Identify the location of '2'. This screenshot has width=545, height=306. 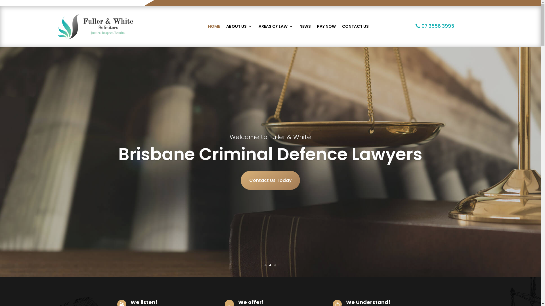
(269, 265).